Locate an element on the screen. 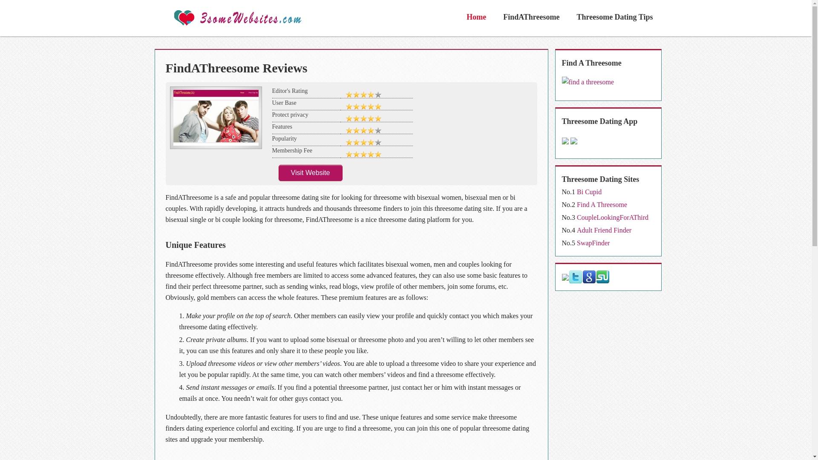  '3some Websites' is located at coordinates (259, 18).